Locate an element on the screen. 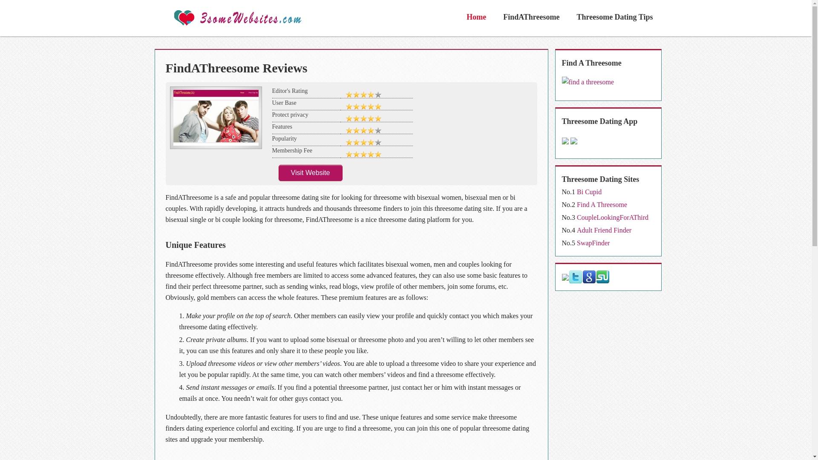  '3some Websites' is located at coordinates (259, 18).